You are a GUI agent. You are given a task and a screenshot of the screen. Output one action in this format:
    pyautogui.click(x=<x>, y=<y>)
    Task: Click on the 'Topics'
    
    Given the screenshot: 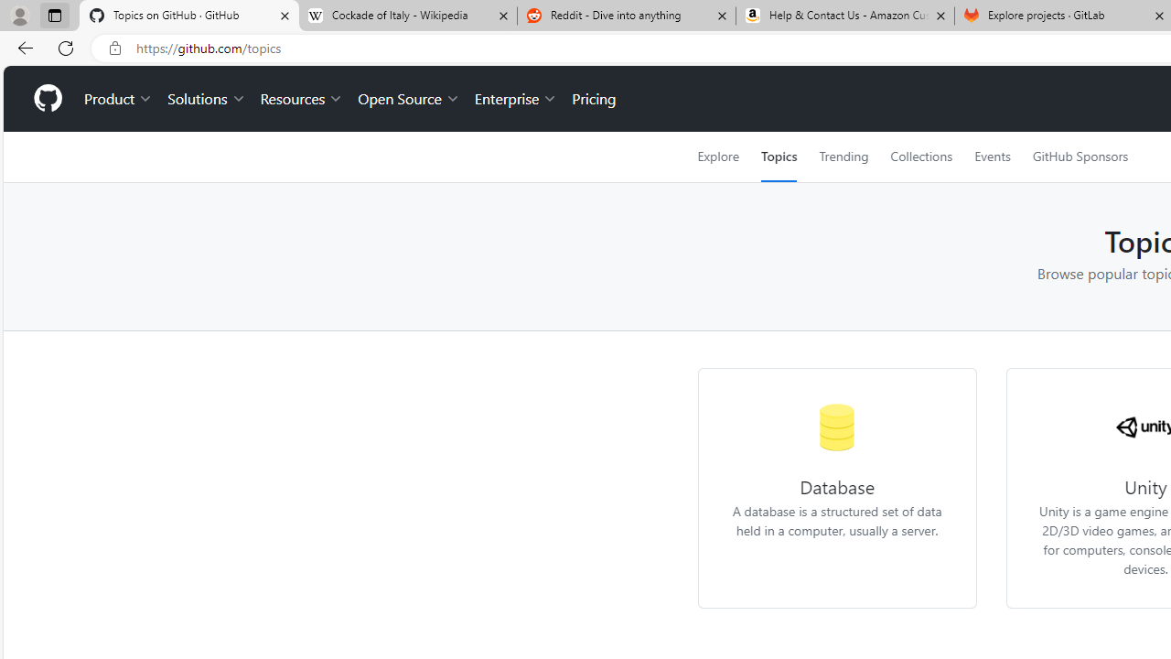 What is the action you would take?
    pyautogui.click(x=779, y=156)
    